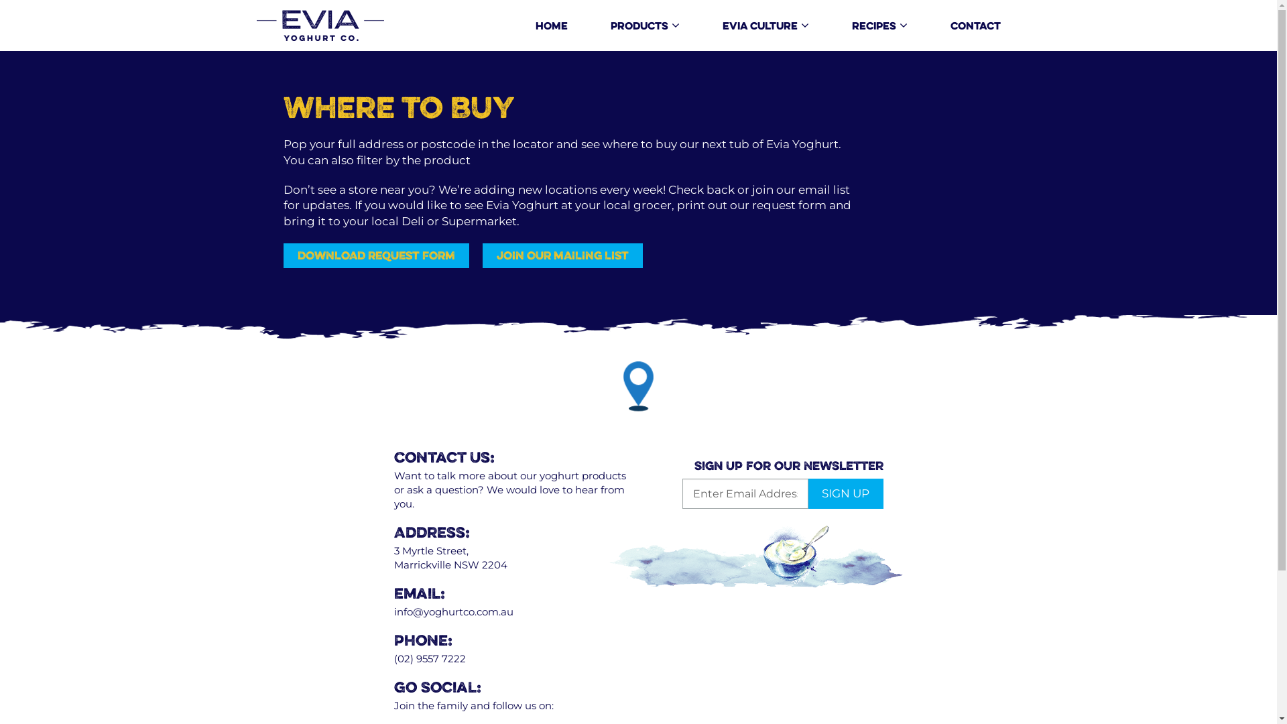 The height and width of the screenshot is (724, 1287). I want to click on '(02) 9557 7222', so click(430, 658).